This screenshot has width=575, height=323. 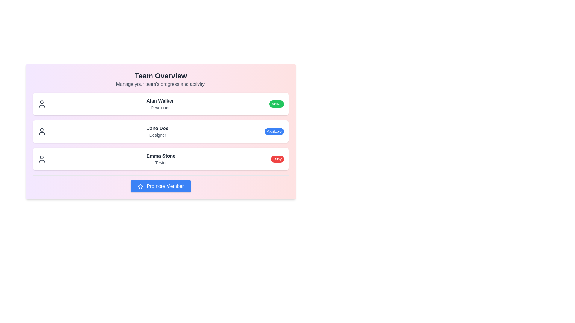 I want to click on the first List Item that presents the profile information of a team member, located below the 'Team Overview' heading, so click(x=161, y=103).